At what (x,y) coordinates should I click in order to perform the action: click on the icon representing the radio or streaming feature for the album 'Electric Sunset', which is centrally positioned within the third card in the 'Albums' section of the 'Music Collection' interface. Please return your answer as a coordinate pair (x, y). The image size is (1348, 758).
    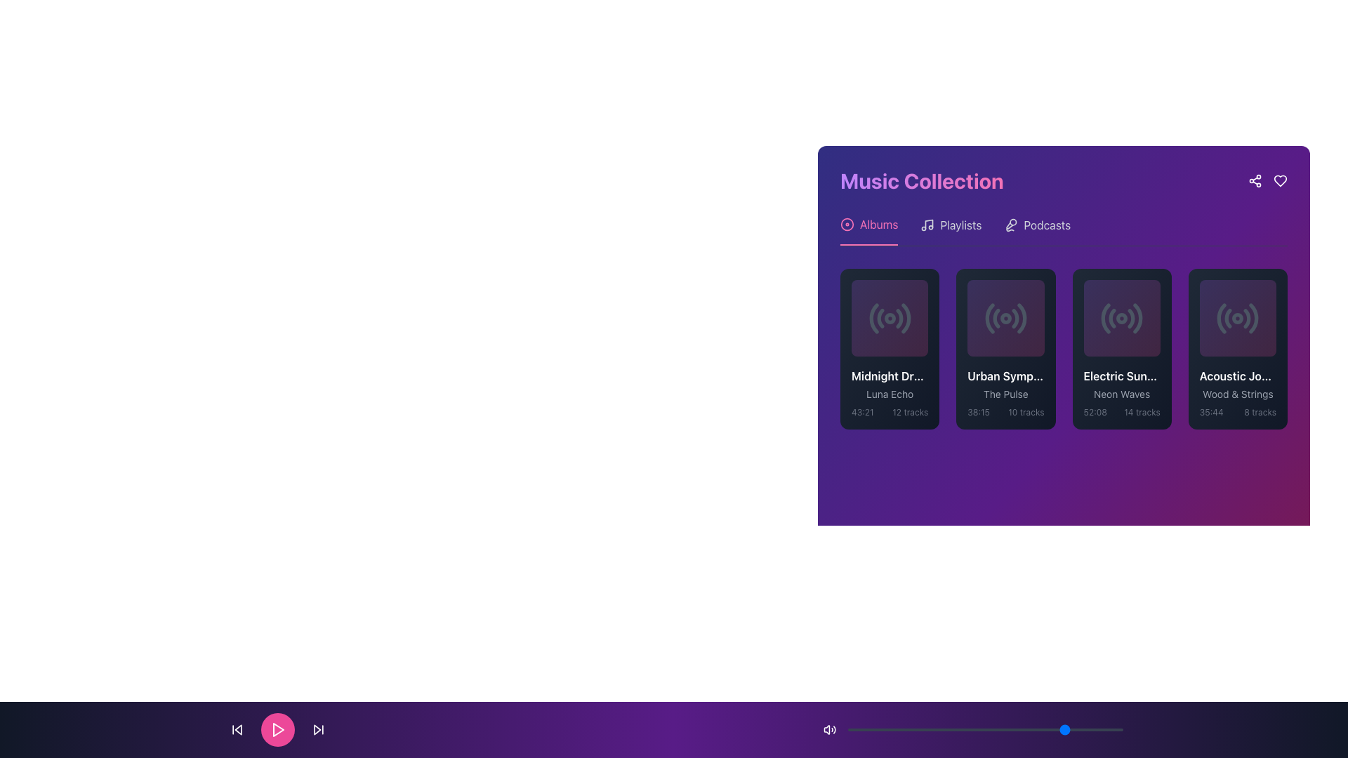
    Looking at the image, I should click on (1121, 318).